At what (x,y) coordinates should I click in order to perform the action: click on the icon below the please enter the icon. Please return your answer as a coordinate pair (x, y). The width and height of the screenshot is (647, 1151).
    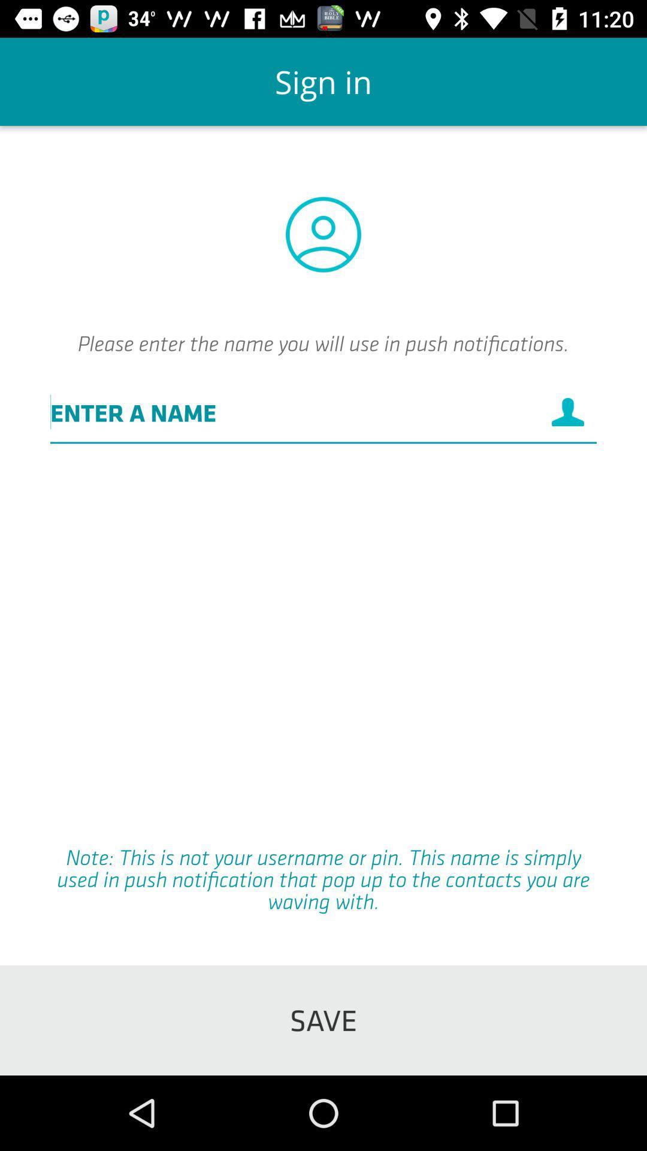
    Looking at the image, I should click on (323, 412).